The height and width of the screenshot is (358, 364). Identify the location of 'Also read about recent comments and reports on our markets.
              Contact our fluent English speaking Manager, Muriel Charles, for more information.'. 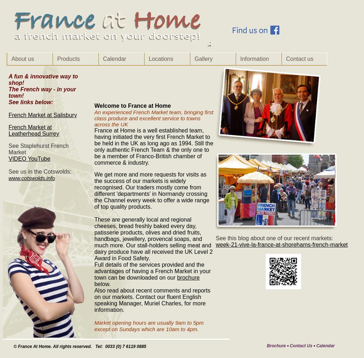
(152, 300).